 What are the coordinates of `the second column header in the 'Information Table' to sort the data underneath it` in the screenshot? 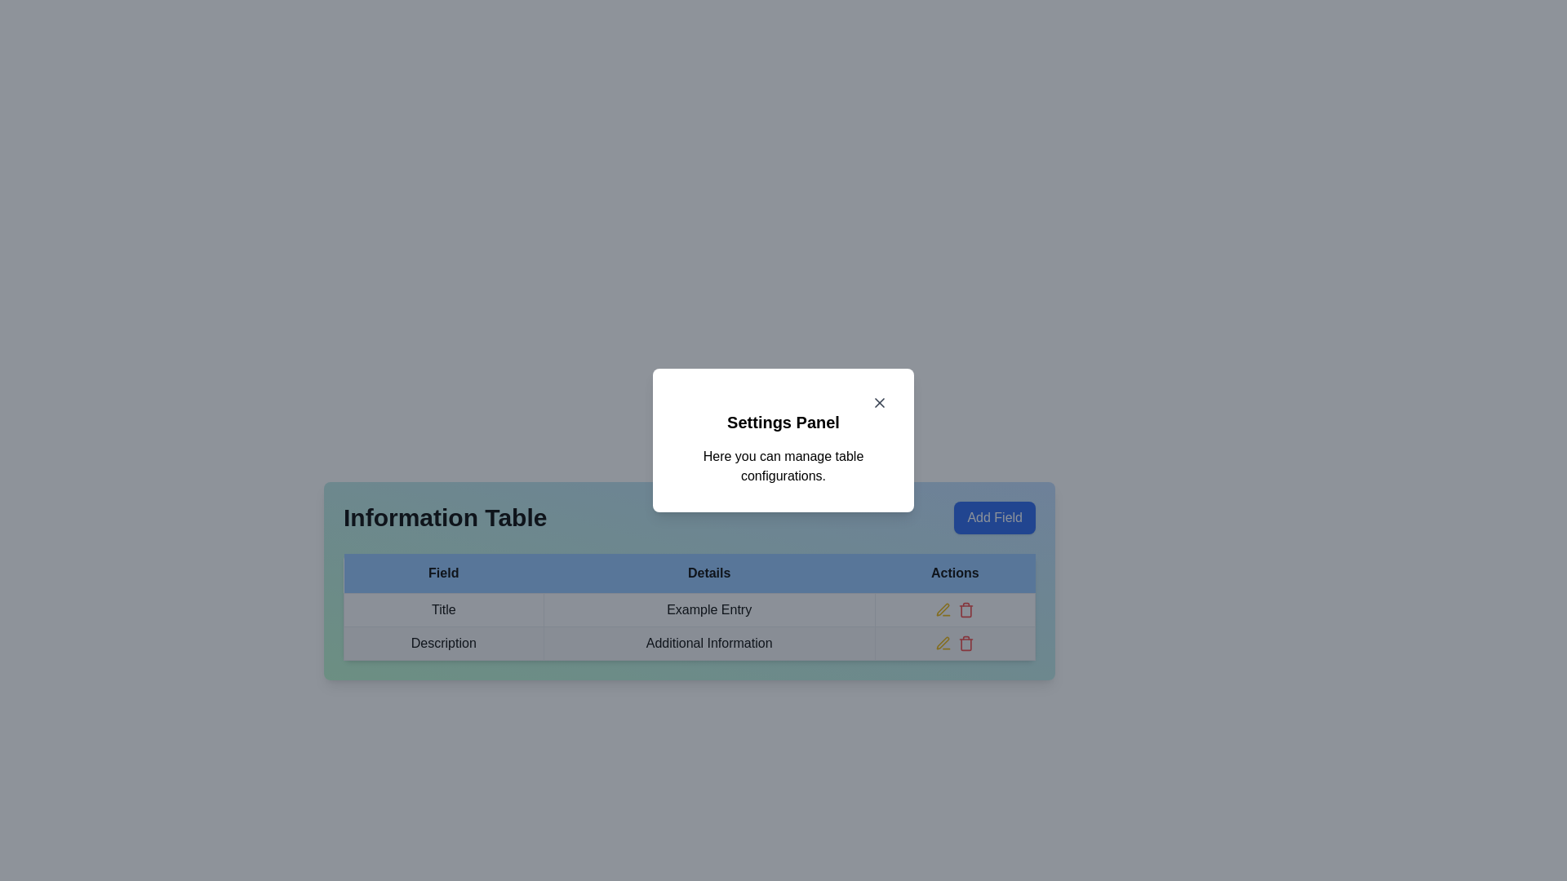 It's located at (689, 580).